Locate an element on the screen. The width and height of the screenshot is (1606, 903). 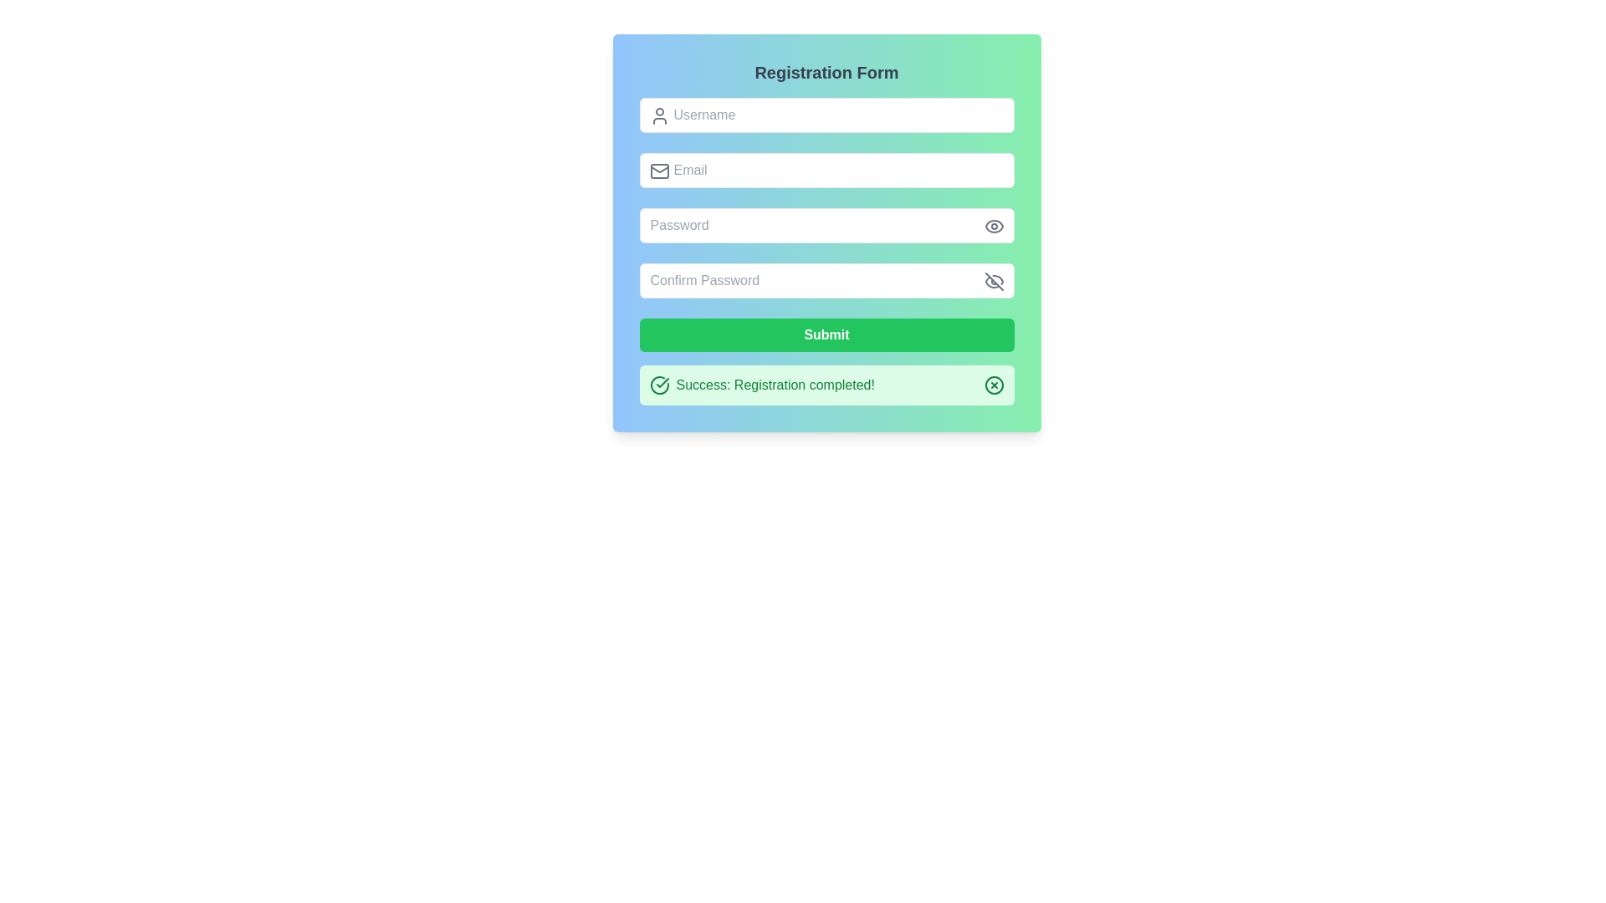
the eye icon toggle button located on the right side of the password input field is located at coordinates (994, 226).